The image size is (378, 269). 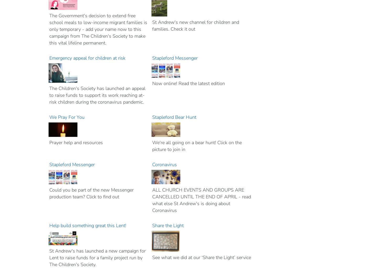 I want to click on 'Stapleford Bear Hunt', so click(x=152, y=117).